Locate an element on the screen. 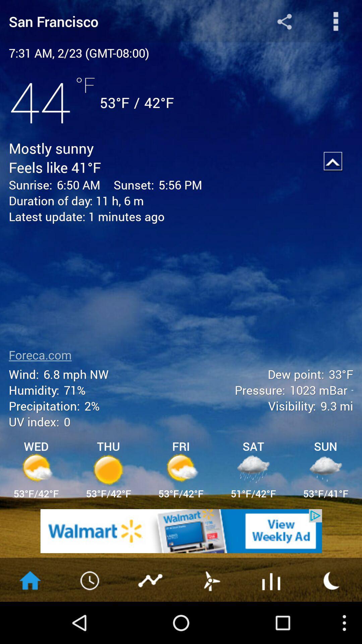  the time icon is located at coordinates (90, 620).